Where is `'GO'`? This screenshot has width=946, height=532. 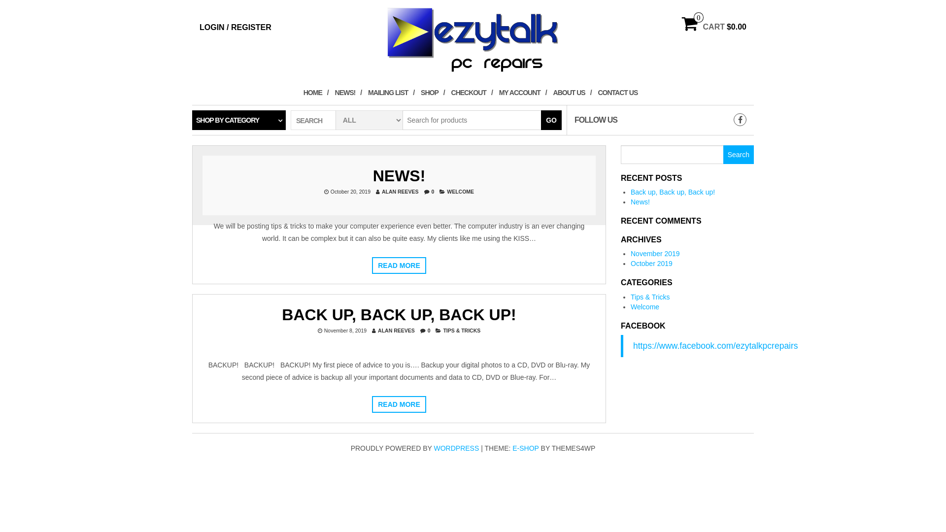
'GO' is located at coordinates (550, 119).